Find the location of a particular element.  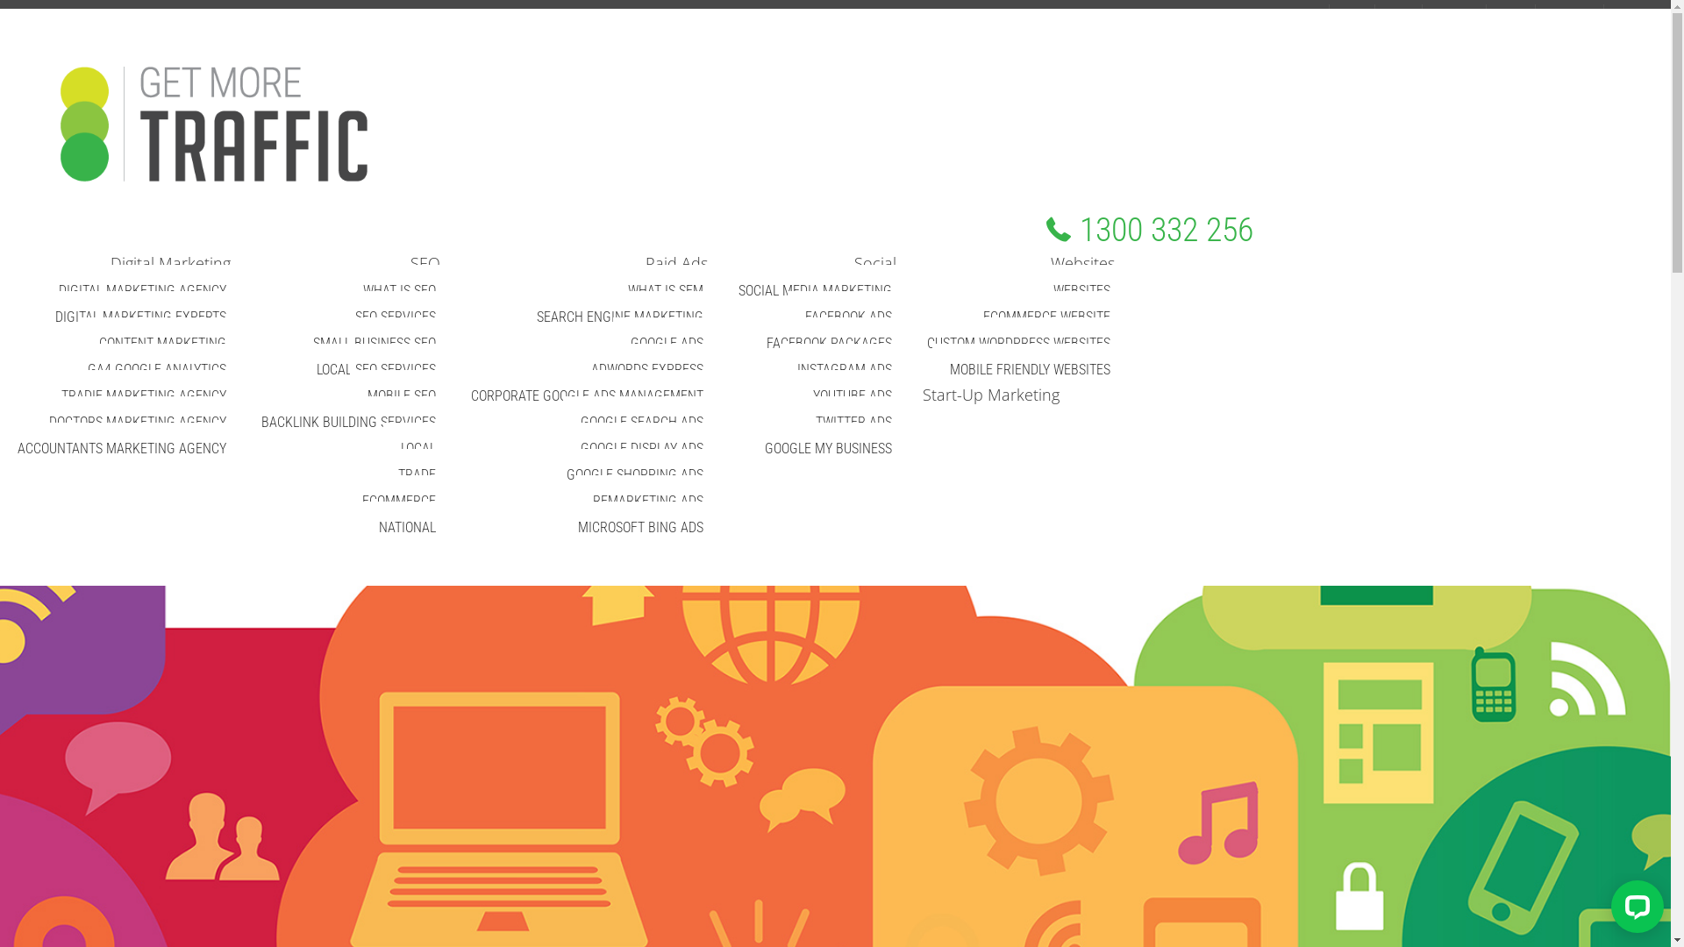

'Start-Up Marketing' is located at coordinates (984, 395).